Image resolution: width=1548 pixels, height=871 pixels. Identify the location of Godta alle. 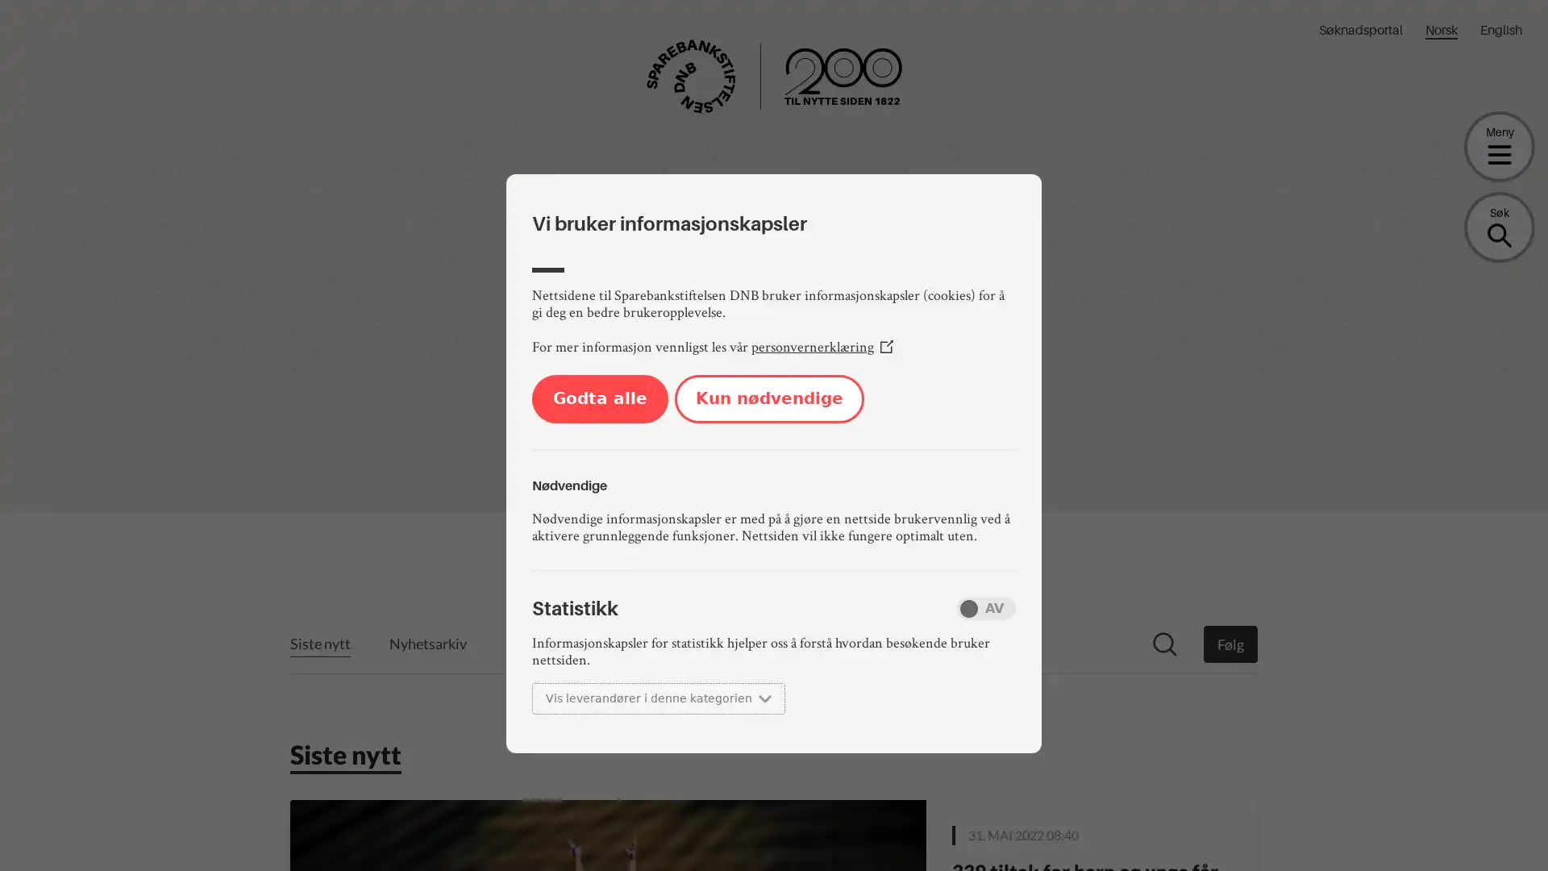
(599, 398).